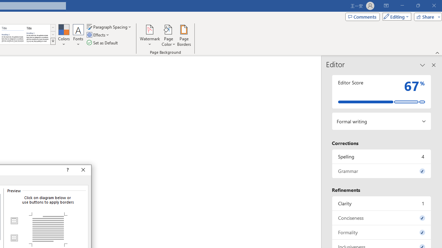 This screenshot has height=248, width=442. Describe the element at coordinates (381, 203) in the screenshot. I see `'Clarity, 1 issue. Press space or enter to review items.'` at that location.